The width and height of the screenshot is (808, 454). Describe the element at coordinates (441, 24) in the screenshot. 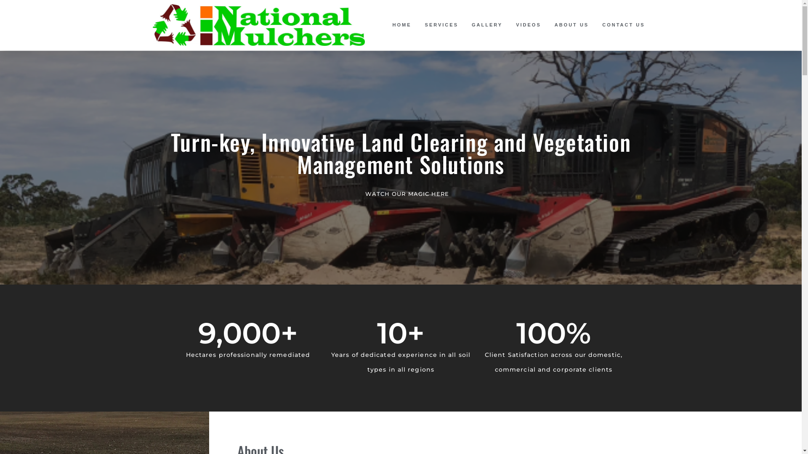

I see `'SERVICES'` at that location.